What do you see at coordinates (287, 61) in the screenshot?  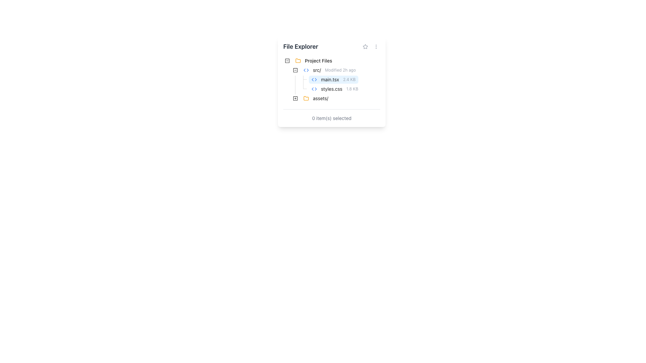 I see `the minus-square toggle button located to the left of the 'src/' label` at bounding box center [287, 61].